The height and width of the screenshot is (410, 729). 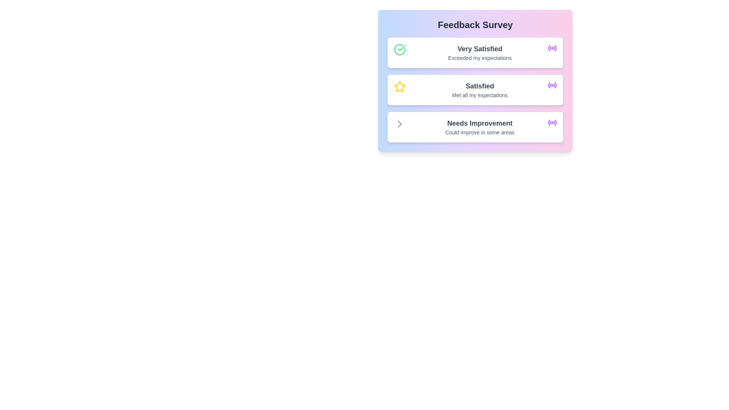 What do you see at coordinates (552, 122) in the screenshot?
I see `the 'Needs Improvement' icon located in the third row of the feedback survey card, positioned at the far right` at bounding box center [552, 122].